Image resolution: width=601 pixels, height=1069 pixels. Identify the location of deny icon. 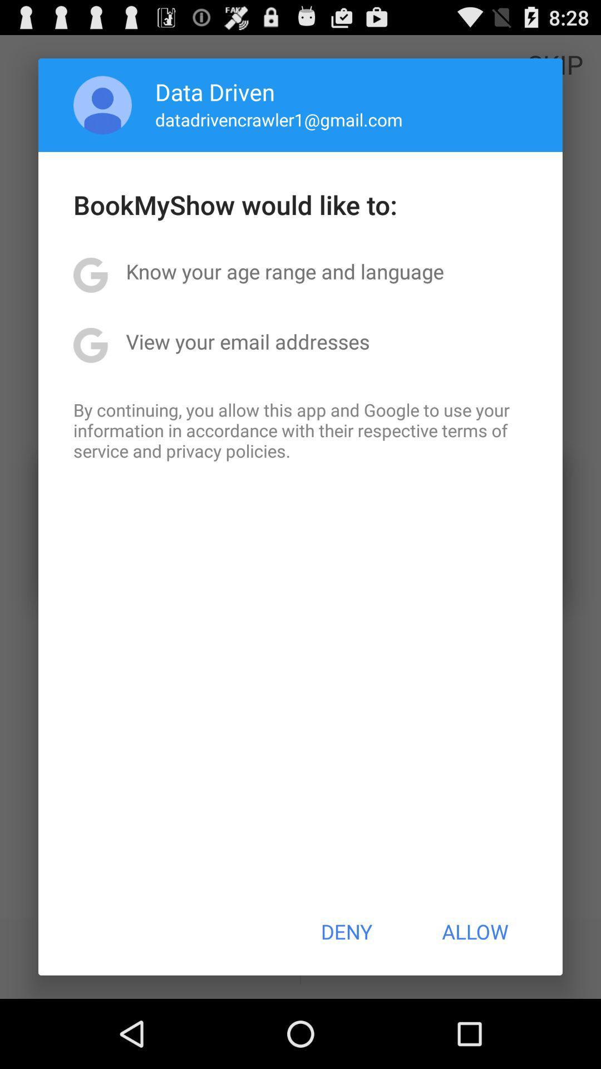
(346, 931).